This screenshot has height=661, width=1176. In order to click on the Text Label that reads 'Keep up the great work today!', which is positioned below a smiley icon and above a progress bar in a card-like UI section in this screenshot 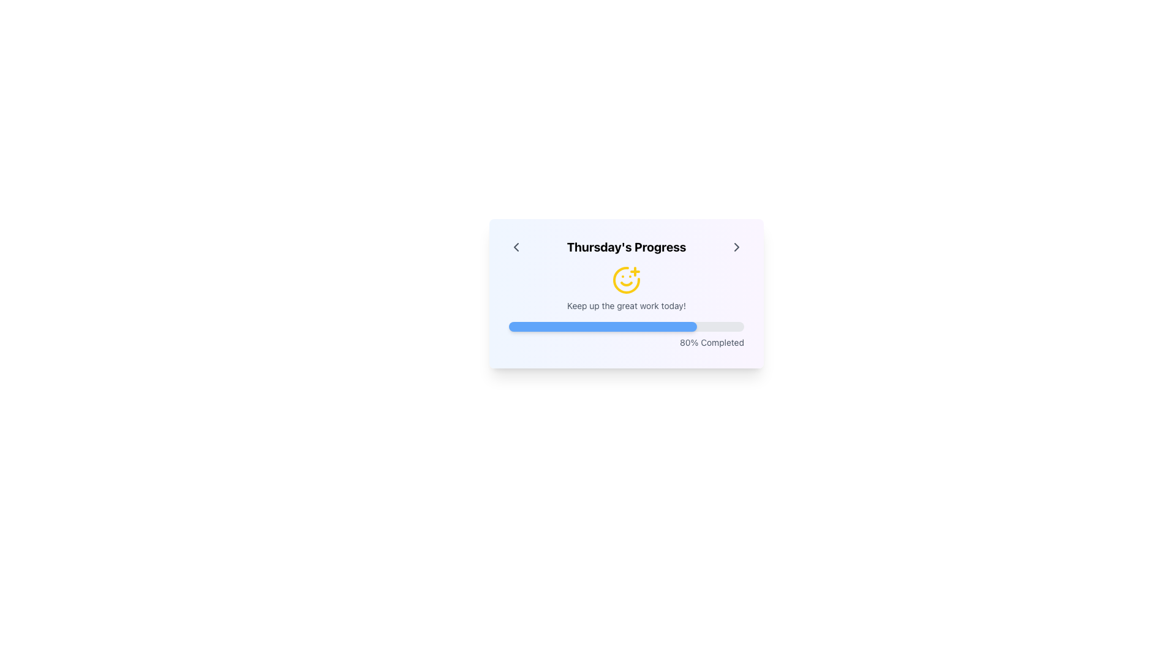, I will do `click(626, 305)`.